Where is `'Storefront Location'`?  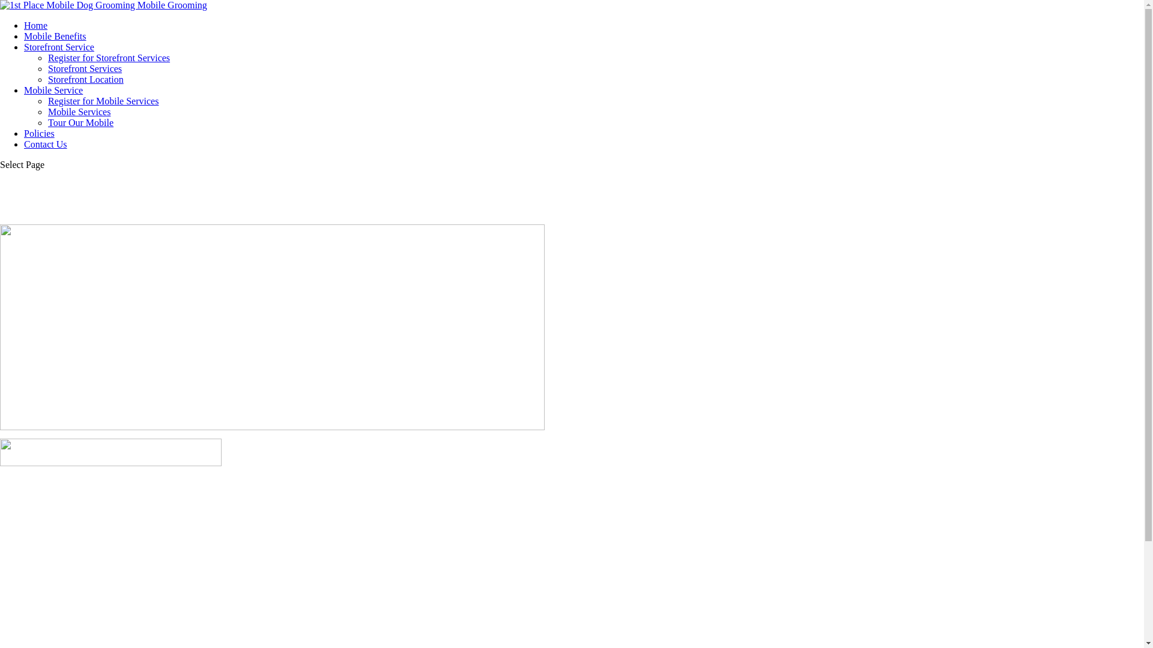 'Storefront Location' is located at coordinates (85, 79).